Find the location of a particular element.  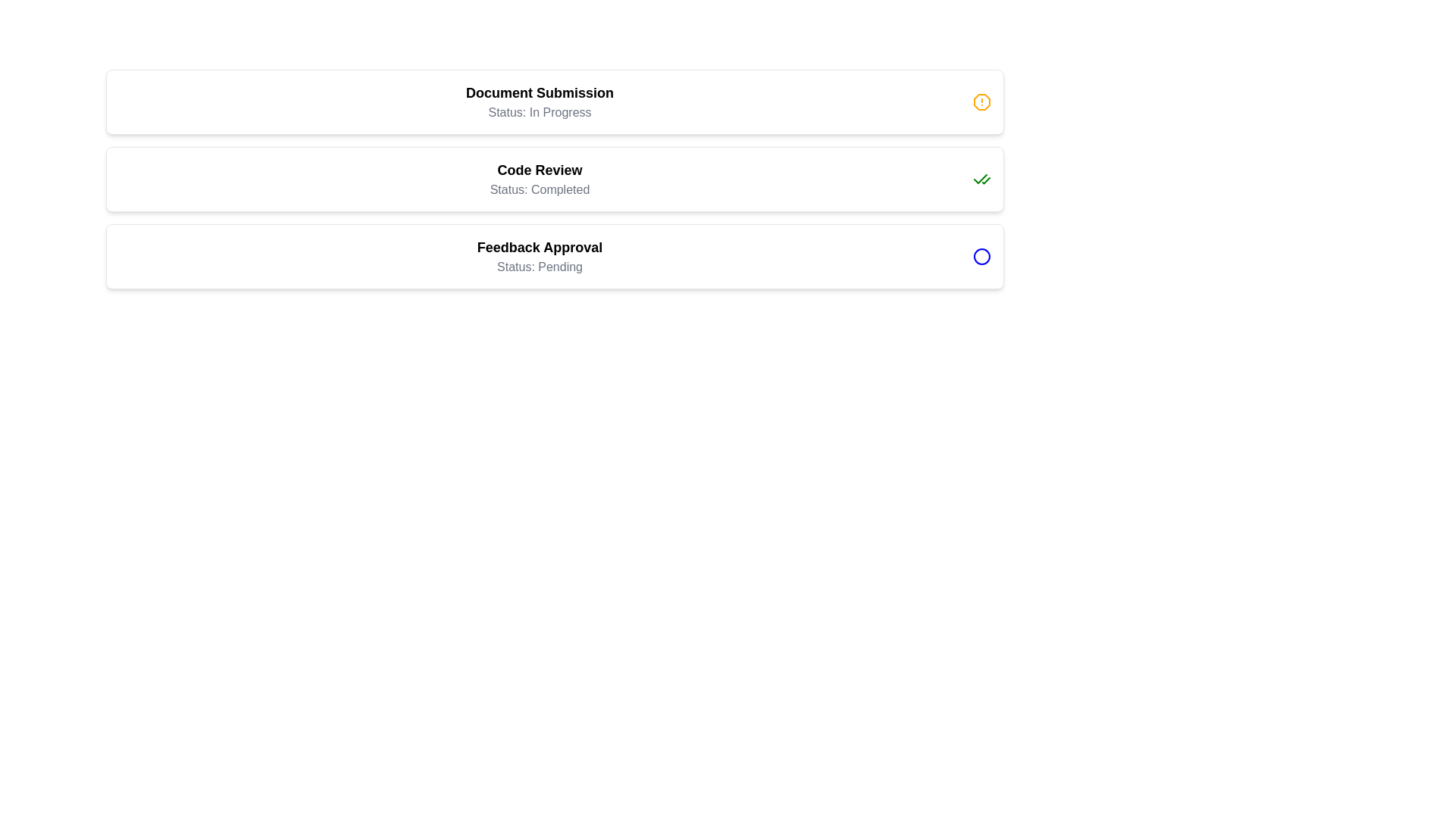

the rightmost icon in the upper-right corner of the 'Feedback Approval' section with status 'Pending' is located at coordinates (982, 256).